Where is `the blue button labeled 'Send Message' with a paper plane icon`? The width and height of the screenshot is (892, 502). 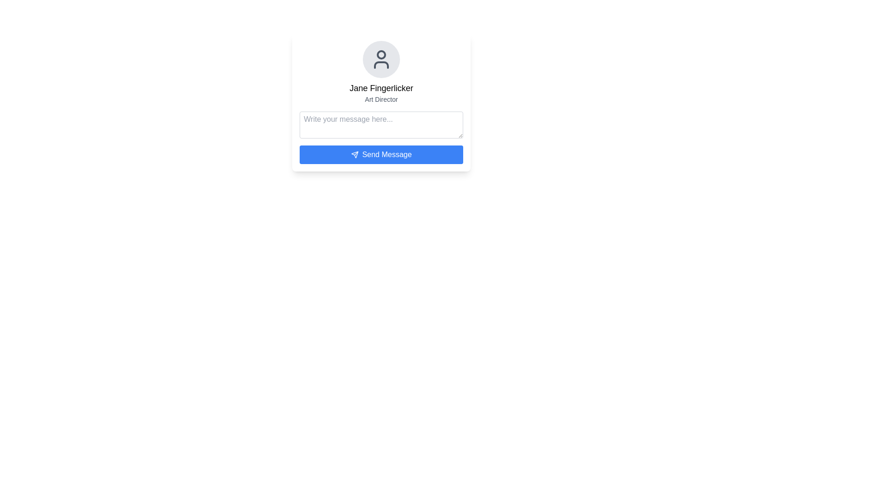
the blue button labeled 'Send Message' with a paper plane icon is located at coordinates (381, 154).